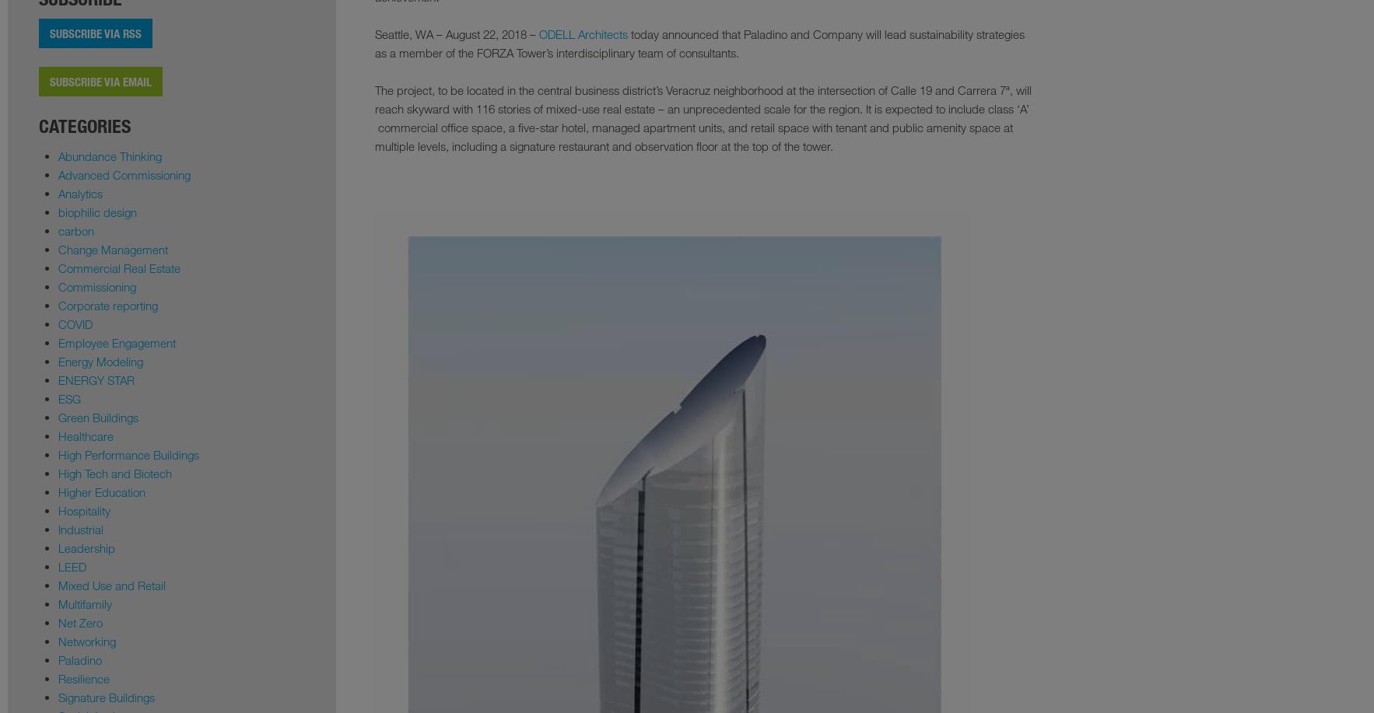 The height and width of the screenshot is (713, 1374). Describe the element at coordinates (96, 286) in the screenshot. I see `'Commissioning'` at that location.